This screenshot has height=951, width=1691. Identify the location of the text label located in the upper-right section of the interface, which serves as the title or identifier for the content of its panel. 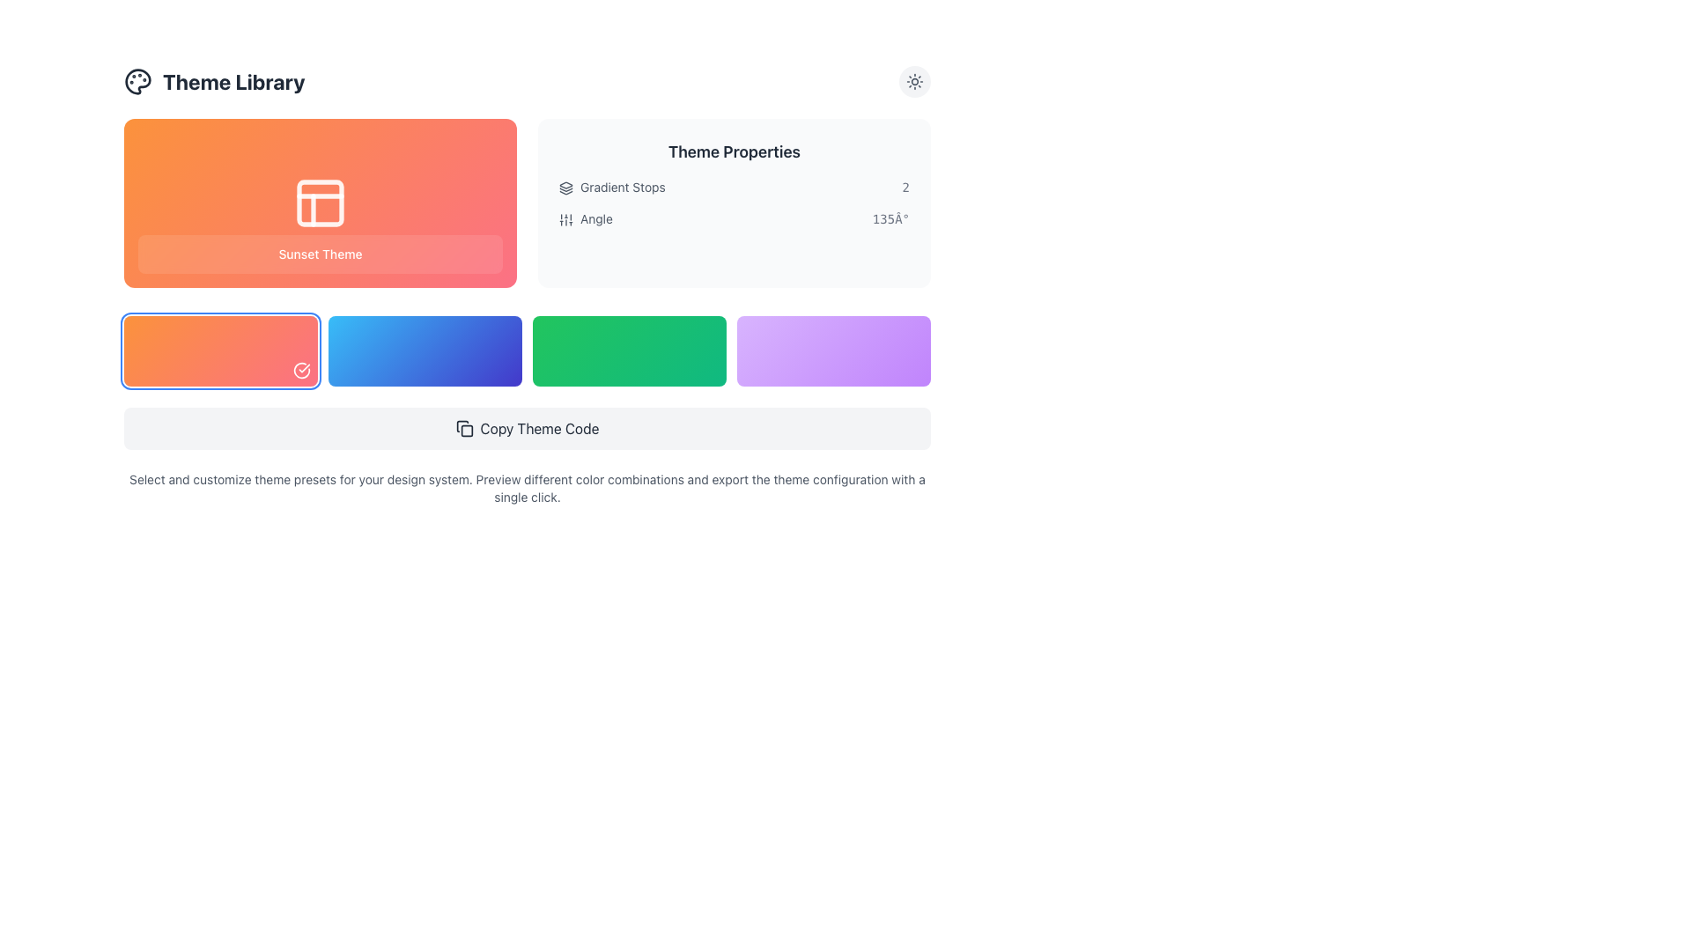
(735, 151).